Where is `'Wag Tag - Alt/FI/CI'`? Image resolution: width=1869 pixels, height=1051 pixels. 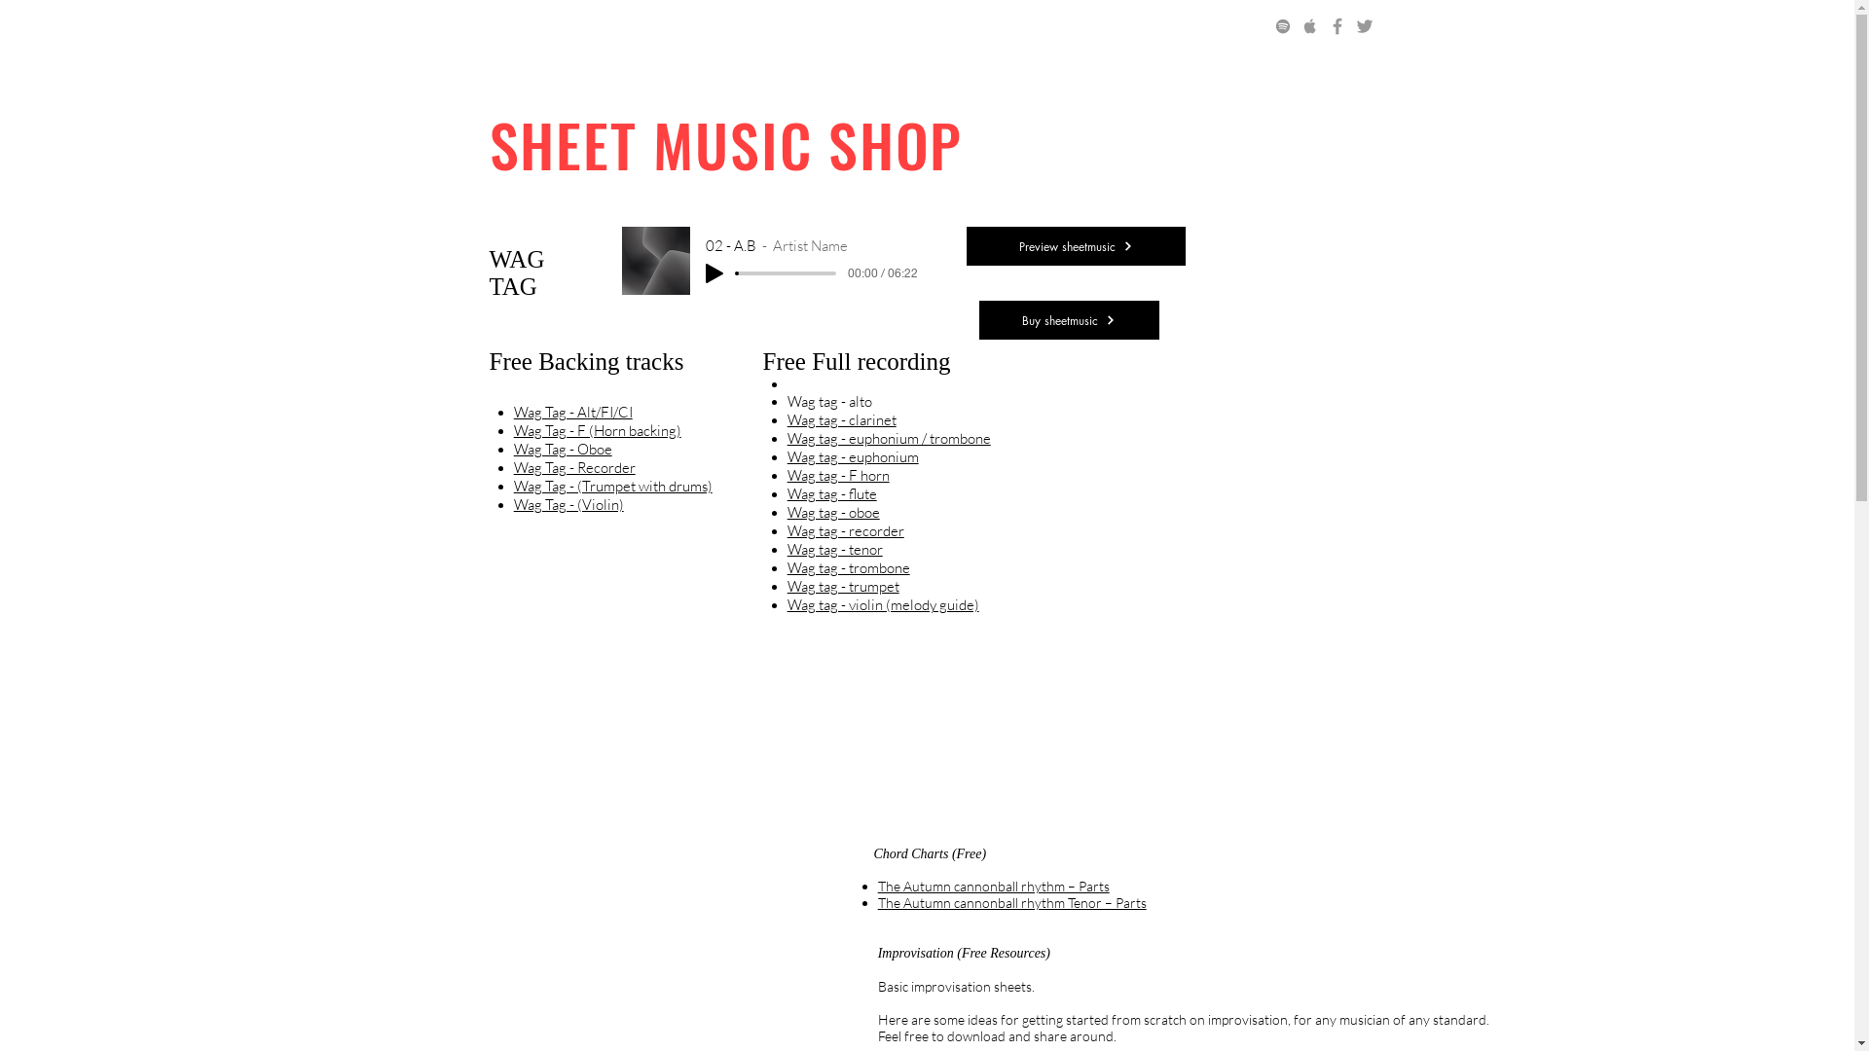
'Wag Tag - Alt/FI/CI' is located at coordinates (514, 411).